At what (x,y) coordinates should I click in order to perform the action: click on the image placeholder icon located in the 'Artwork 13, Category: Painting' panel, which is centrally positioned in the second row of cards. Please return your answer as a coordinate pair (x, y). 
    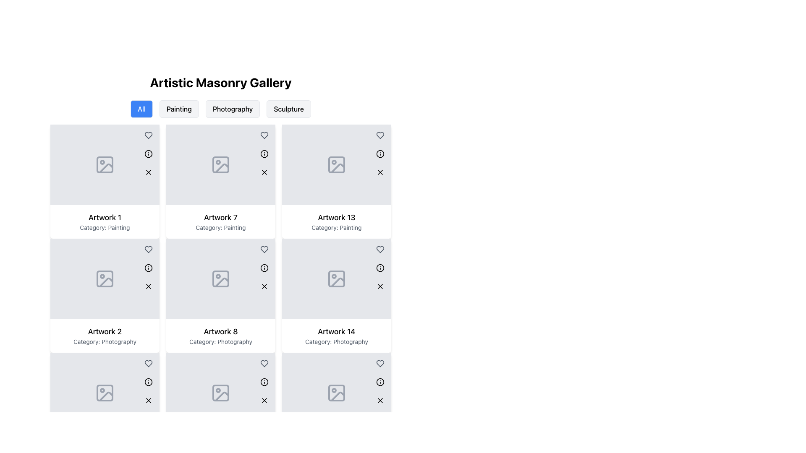
    Looking at the image, I should click on (336, 165).